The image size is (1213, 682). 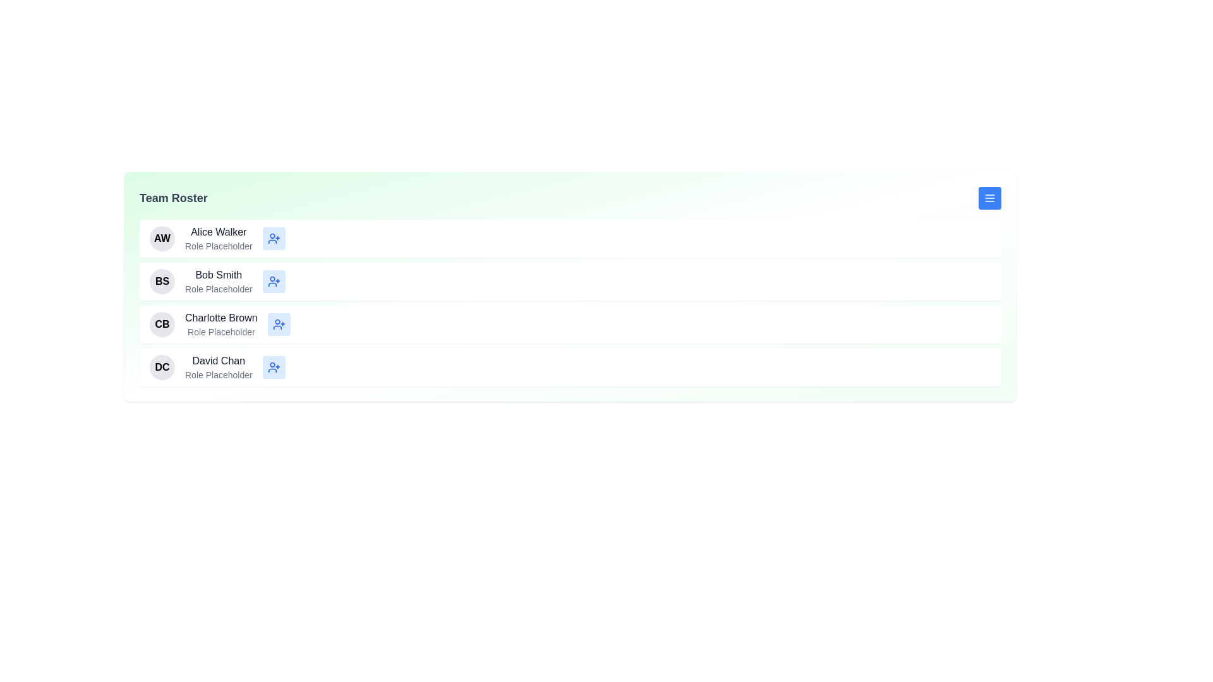 What do you see at coordinates (569, 323) in the screenshot?
I see `the third list item in the 'Team Roster' section that displays a team member's initials, name, and role, positioned between 'Bob Smith' and 'David Chan'` at bounding box center [569, 323].